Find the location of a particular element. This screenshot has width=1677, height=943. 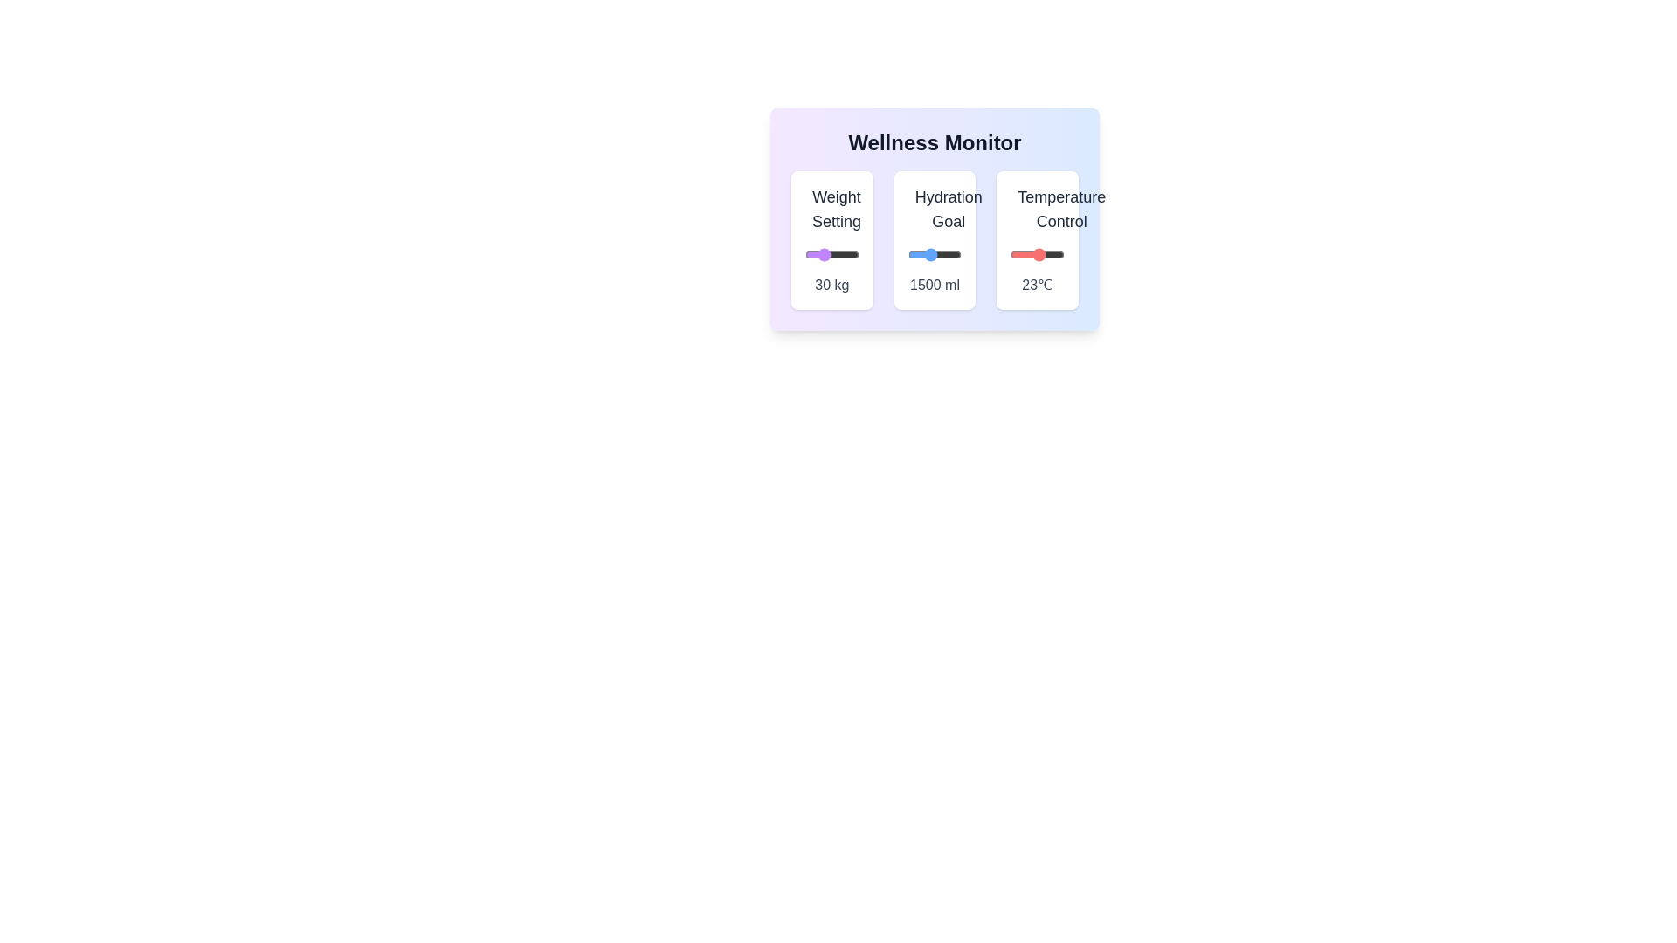

the text label that describes the hydration goal tracking feature located under the main heading 'Wellness Monitor' in the middle column of the layout is located at coordinates (948, 208).